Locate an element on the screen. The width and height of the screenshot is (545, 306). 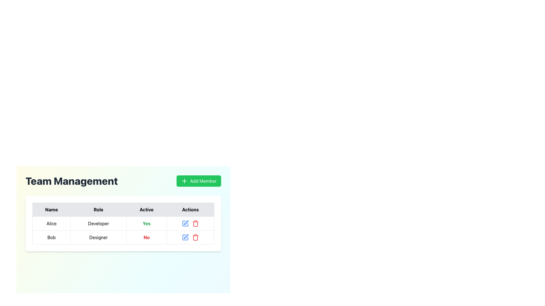
the first row of the 'Team Management' table that contains 'Alice', 'Developer', and 'Yes' is located at coordinates (123, 223).